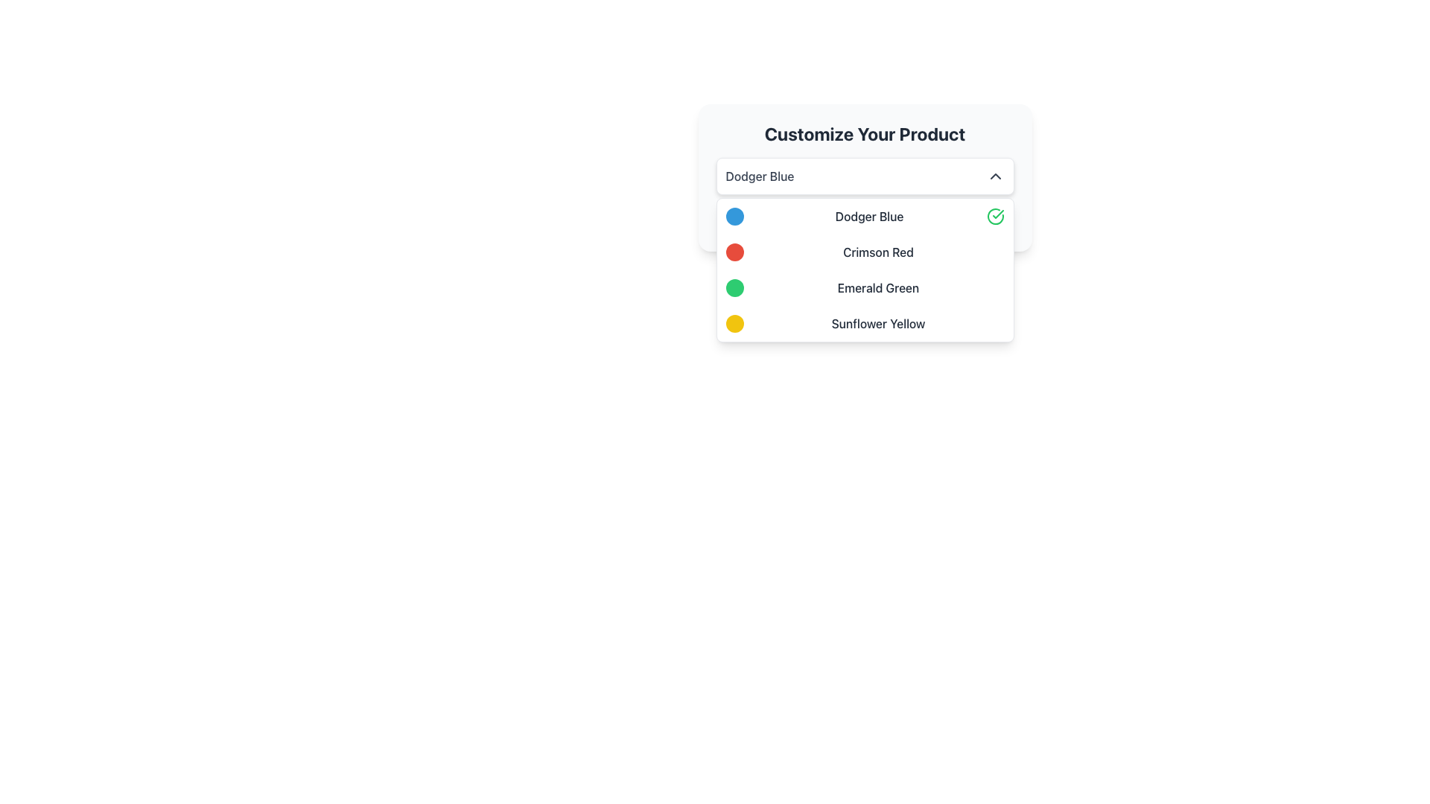 The image size is (1430, 804). What do you see at coordinates (865, 216) in the screenshot?
I see `the first selectable list item labeled 'Dodger Blue' with a blue circular indicator and a green checkmark` at bounding box center [865, 216].